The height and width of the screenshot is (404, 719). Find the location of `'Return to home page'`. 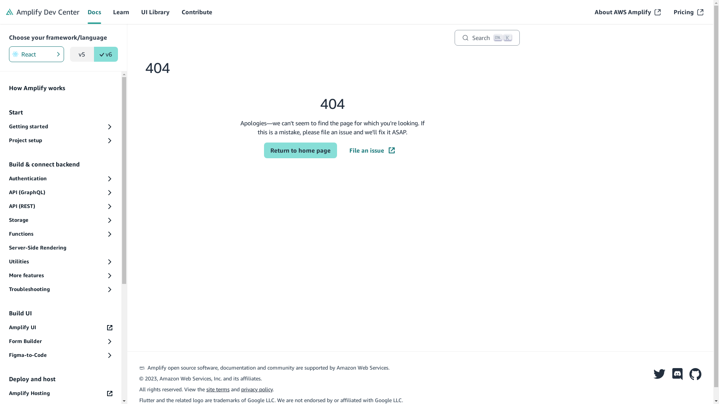

'Return to home page' is located at coordinates (300, 150).